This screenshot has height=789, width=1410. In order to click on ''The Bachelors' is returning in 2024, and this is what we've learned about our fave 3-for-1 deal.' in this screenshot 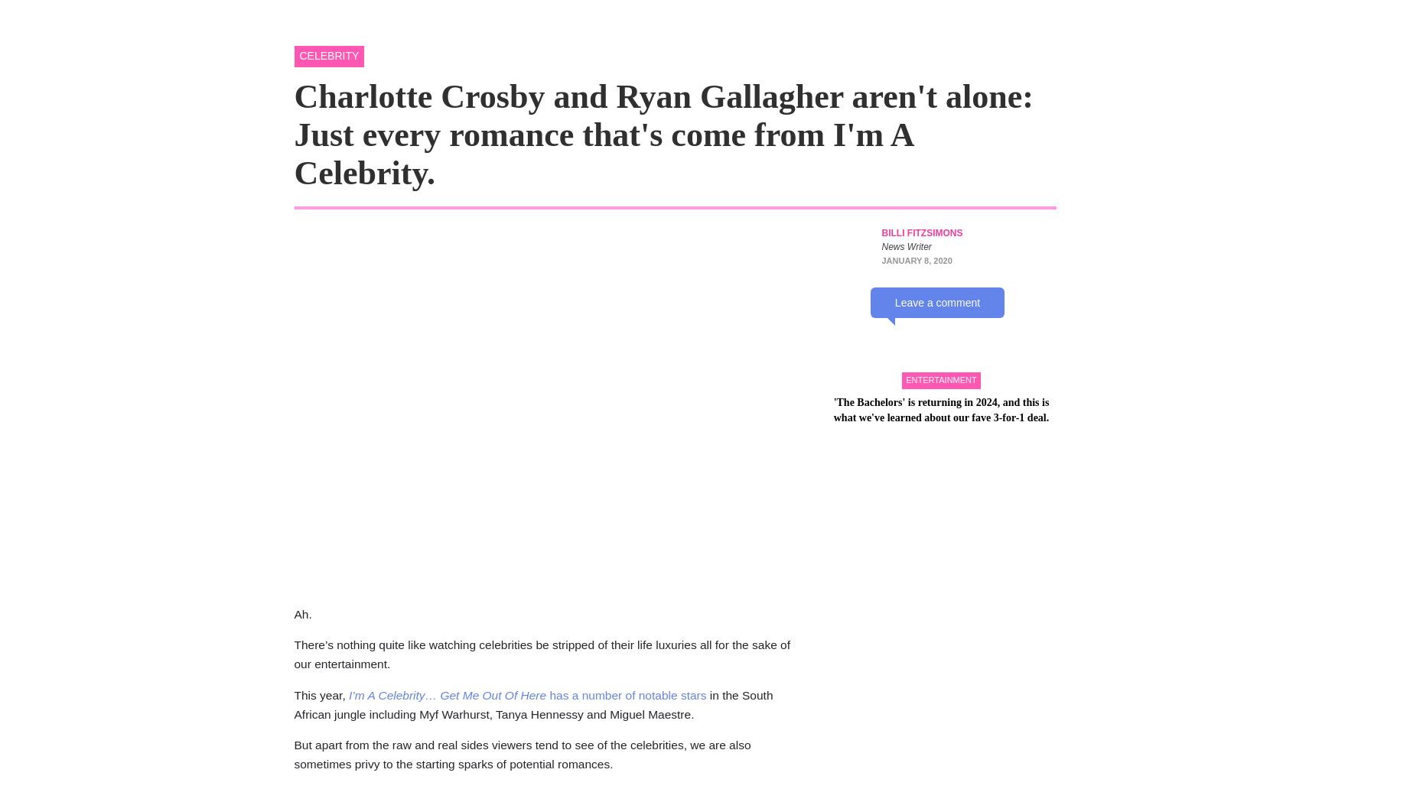, I will do `click(941, 543)`.